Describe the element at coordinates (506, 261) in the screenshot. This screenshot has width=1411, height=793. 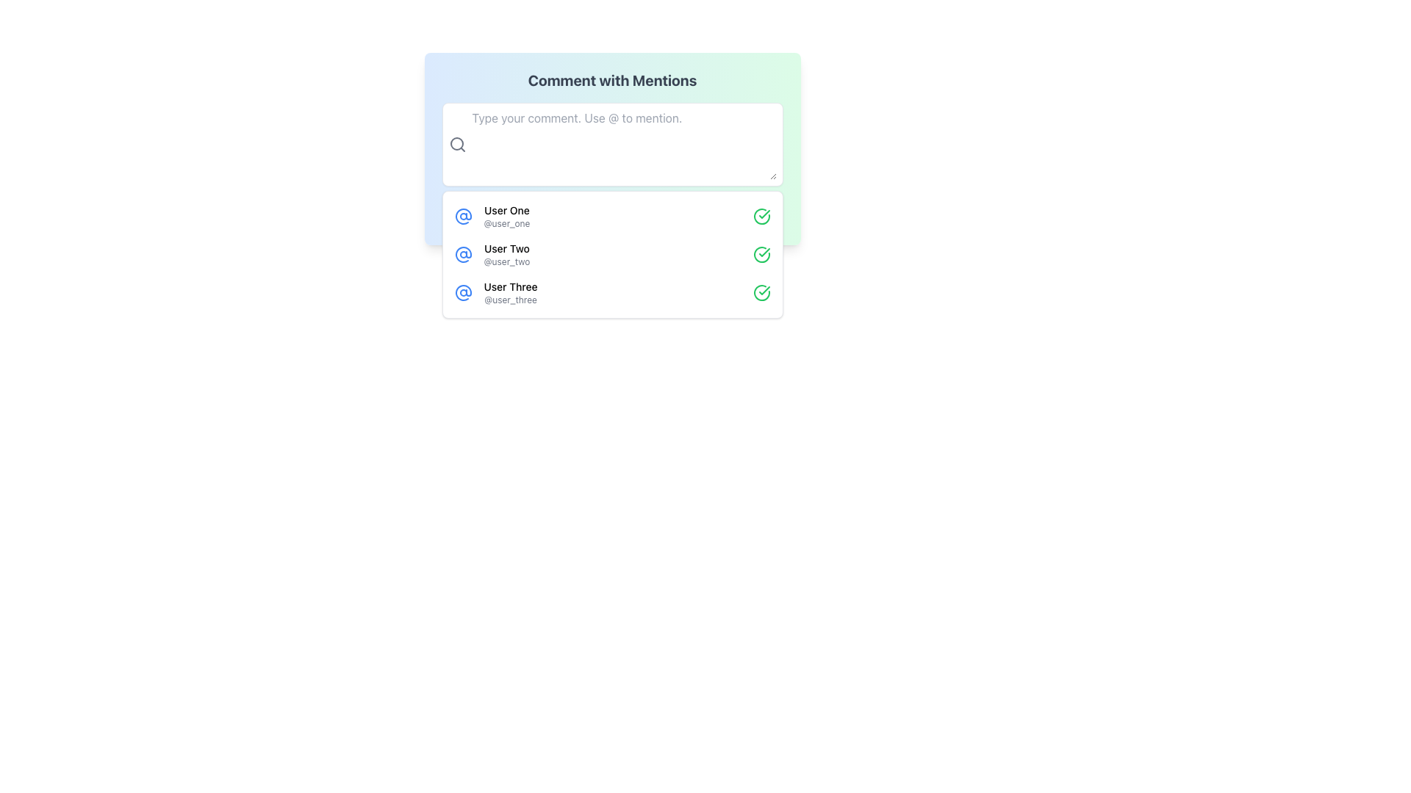
I see `the label element that identifies the user 'User Two' in the list of user suggestions` at that location.